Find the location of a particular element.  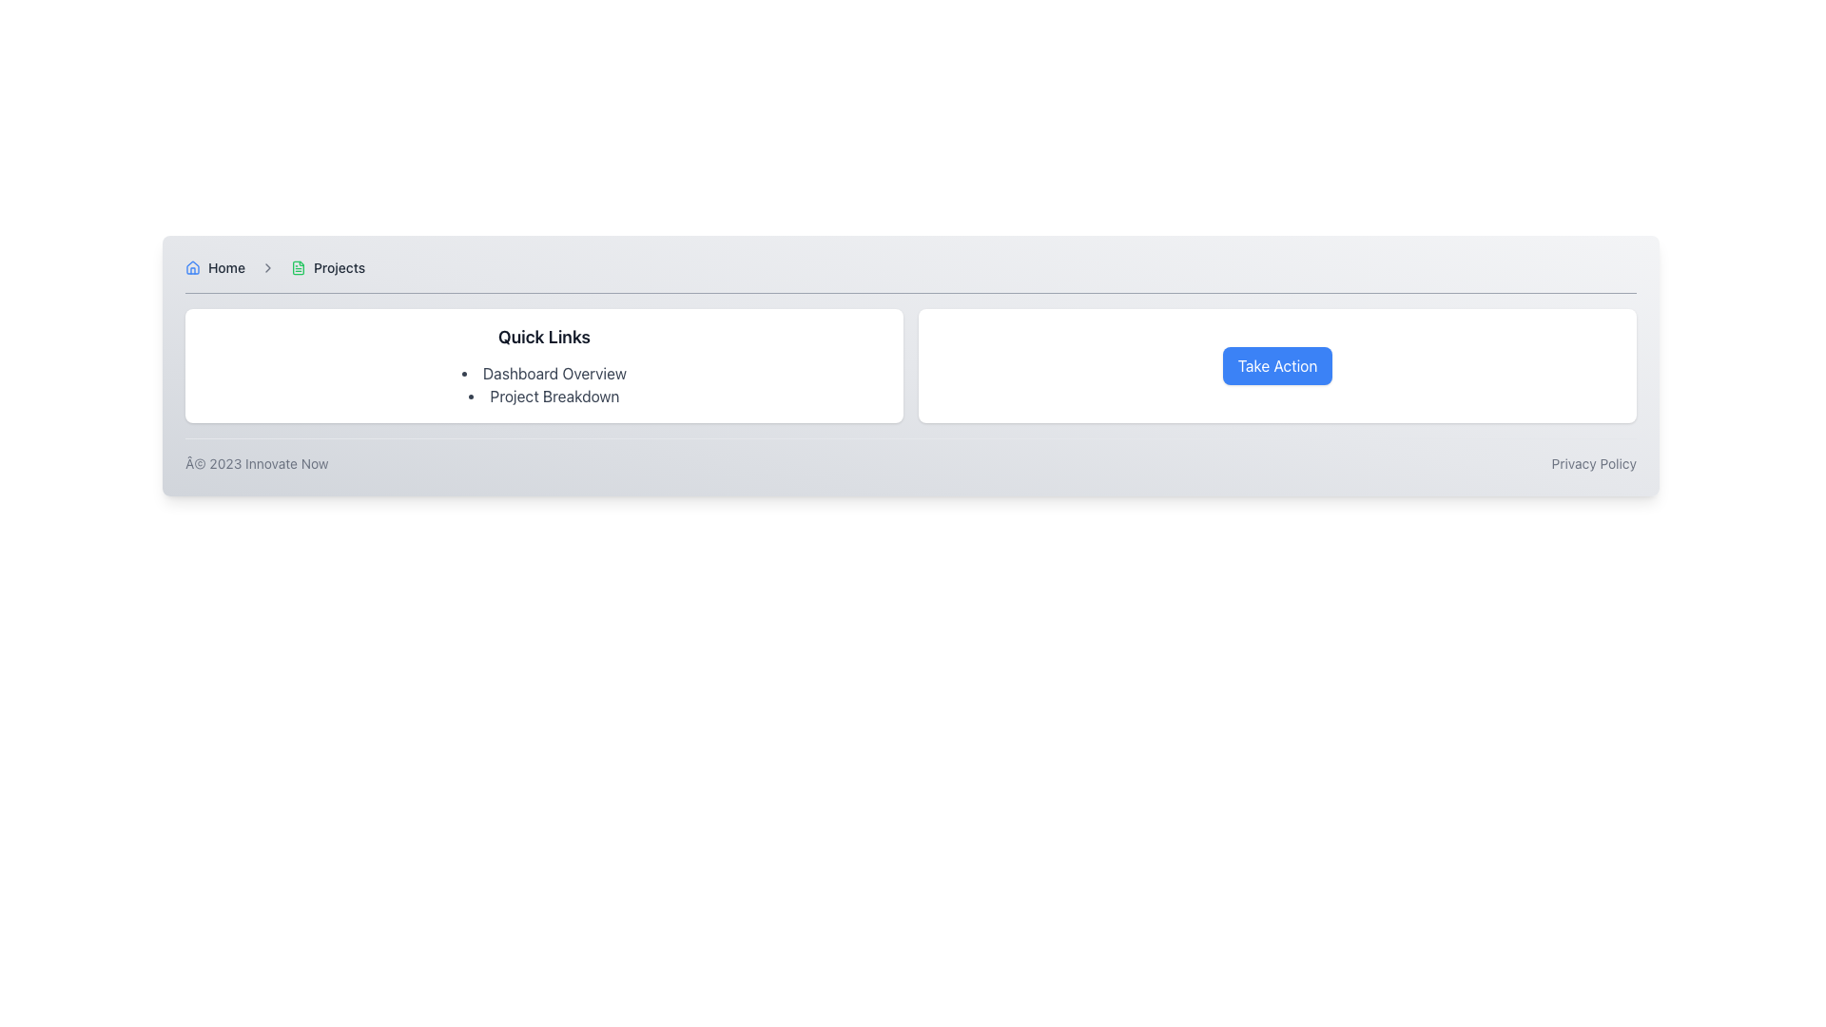

the 'Project Breakdown' item in the bulleted list located under the 'Quick Links' section is located at coordinates (543, 385).